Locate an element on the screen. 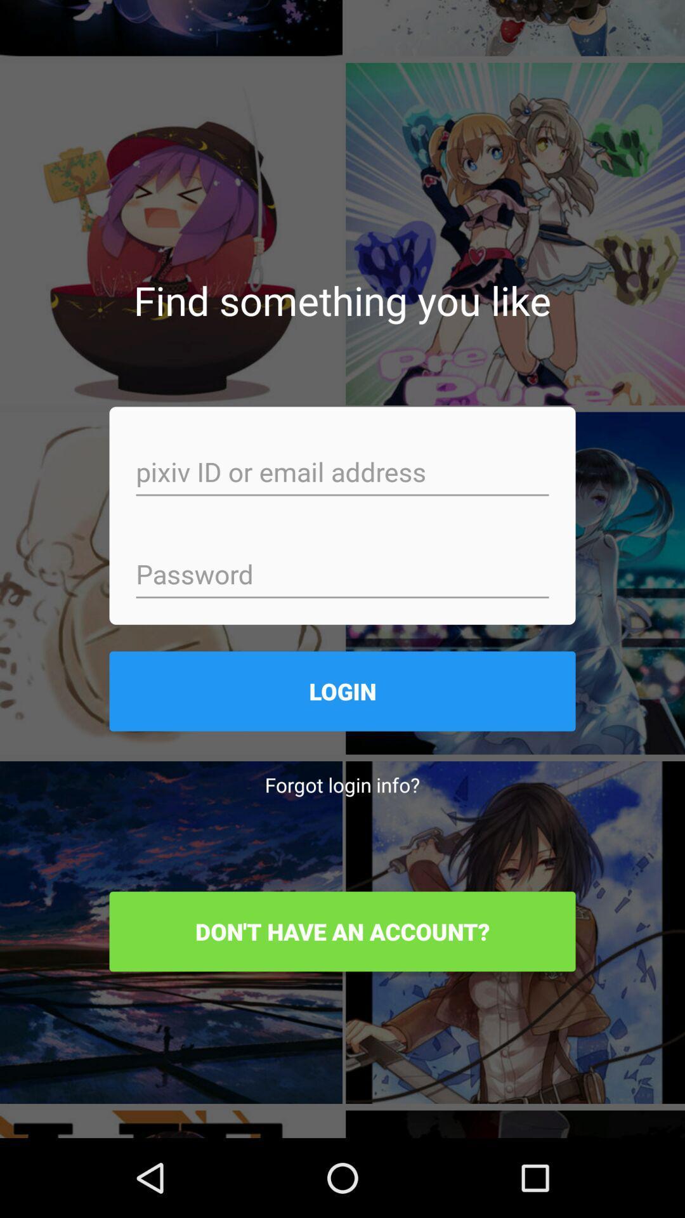 This screenshot has height=1218, width=685. don t have is located at coordinates (342, 931).